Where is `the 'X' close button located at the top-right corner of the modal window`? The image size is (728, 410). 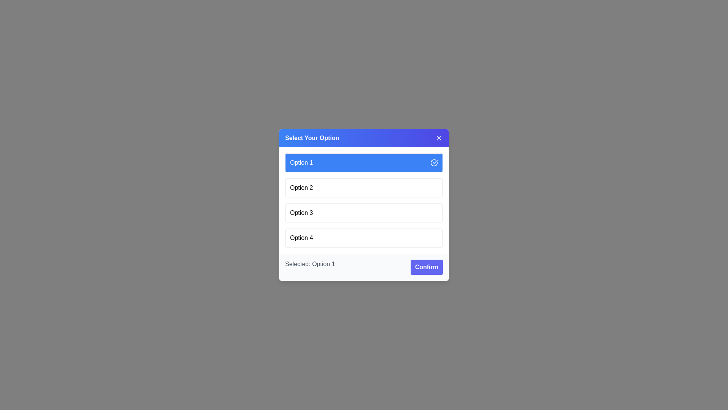 the 'X' close button located at the top-right corner of the modal window is located at coordinates (439, 138).